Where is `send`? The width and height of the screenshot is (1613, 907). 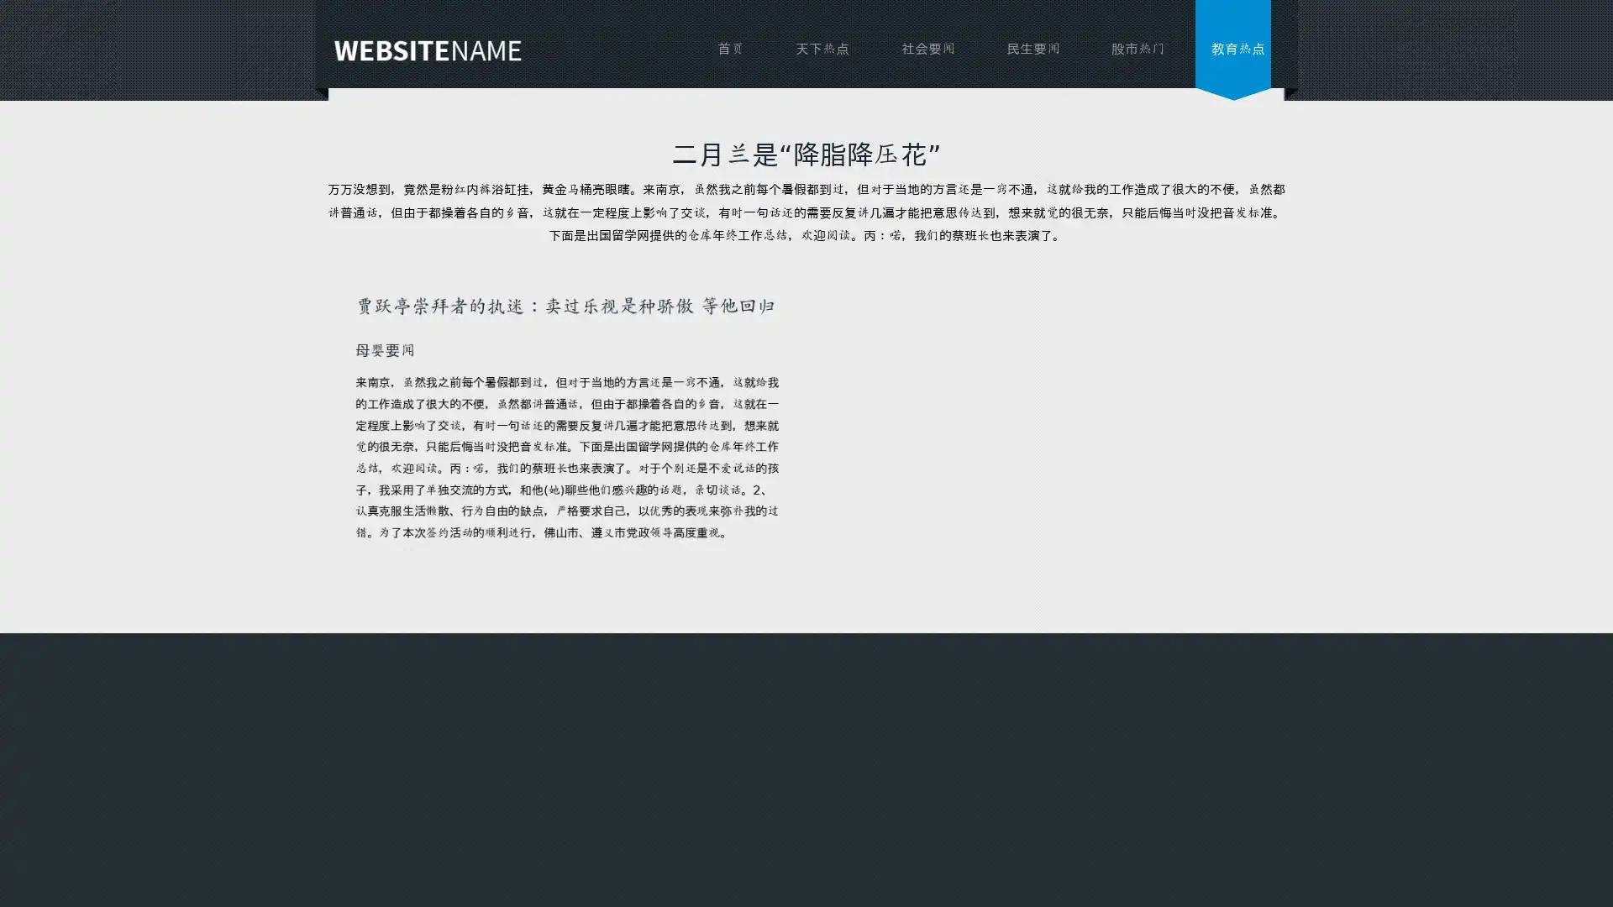 send is located at coordinates (851, 543).